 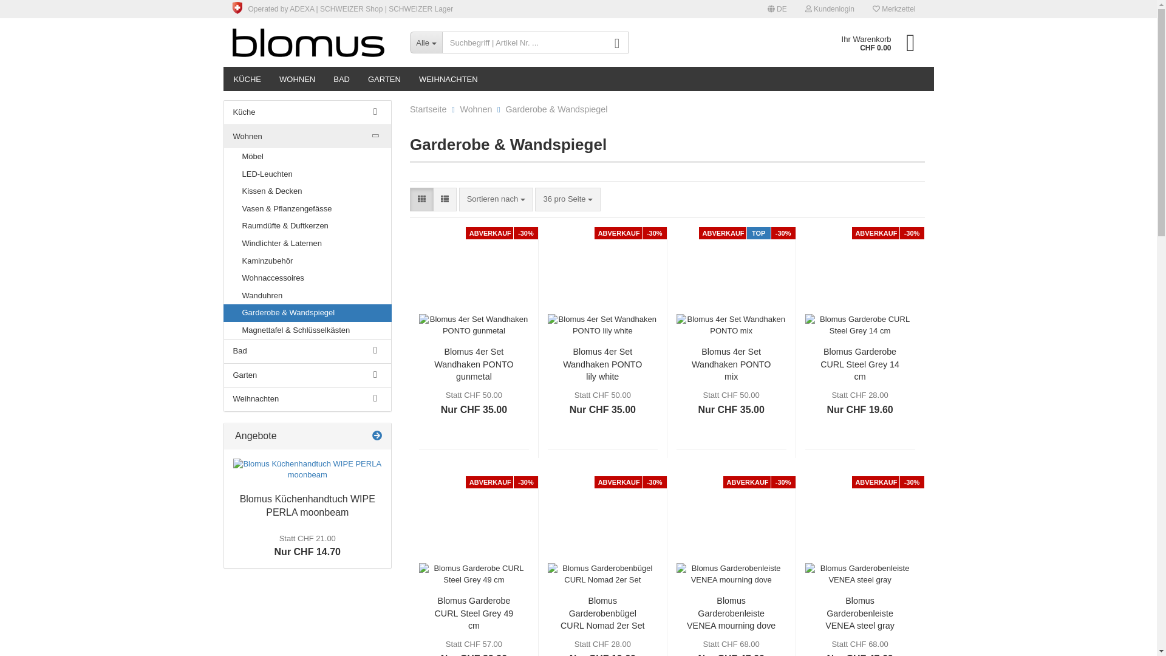 What do you see at coordinates (341, 79) in the screenshot?
I see `'BAD'` at bounding box center [341, 79].